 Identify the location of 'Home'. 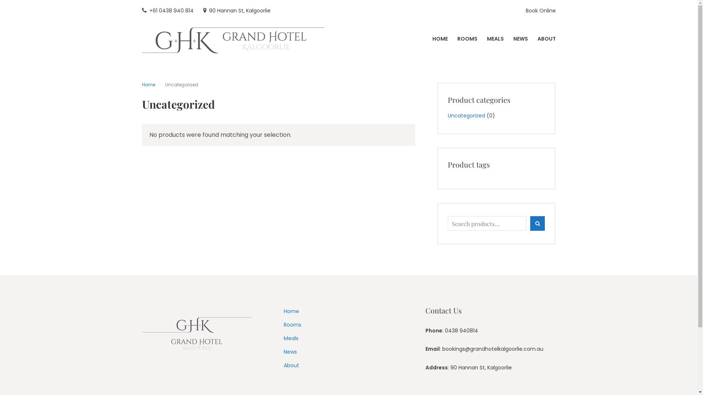
(148, 84).